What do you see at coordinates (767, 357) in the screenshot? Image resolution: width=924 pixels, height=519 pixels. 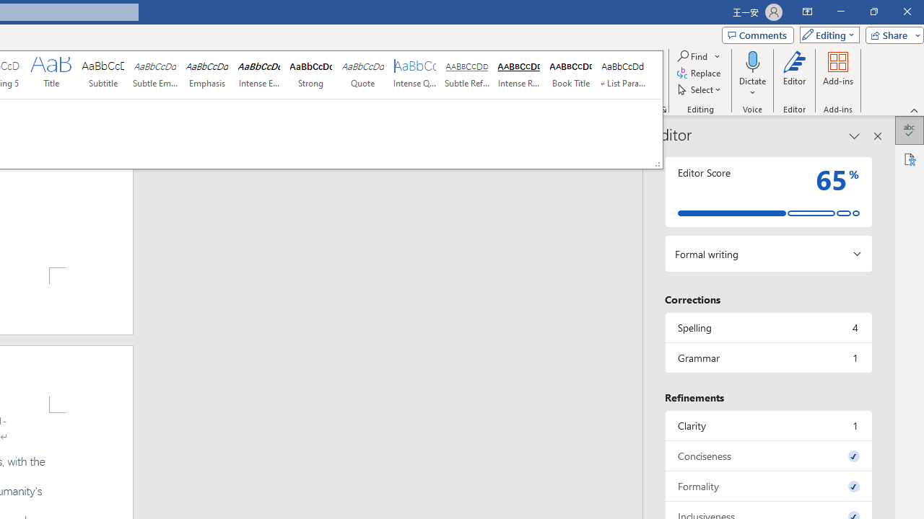 I see `'Grammar, 1 issue. Press space or enter to review items.'` at bounding box center [767, 357].